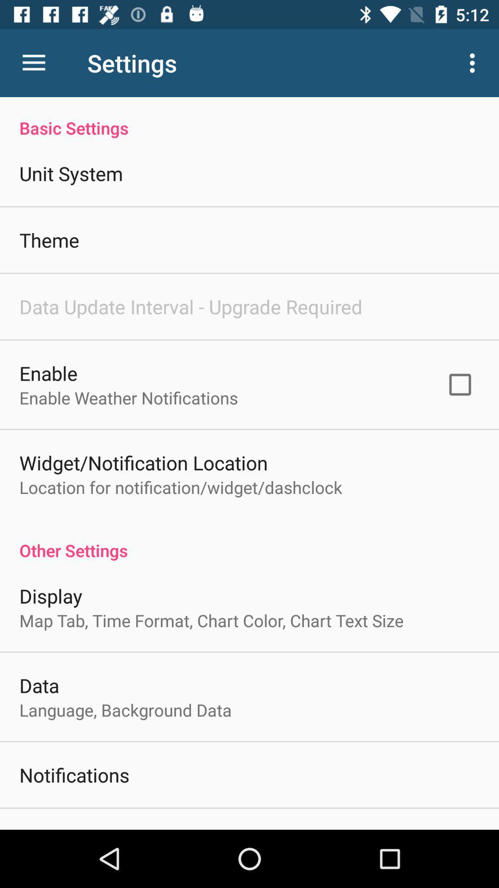 This screenshot has width=499, height=888. I want to click on the data update interval, so click(190, 306).